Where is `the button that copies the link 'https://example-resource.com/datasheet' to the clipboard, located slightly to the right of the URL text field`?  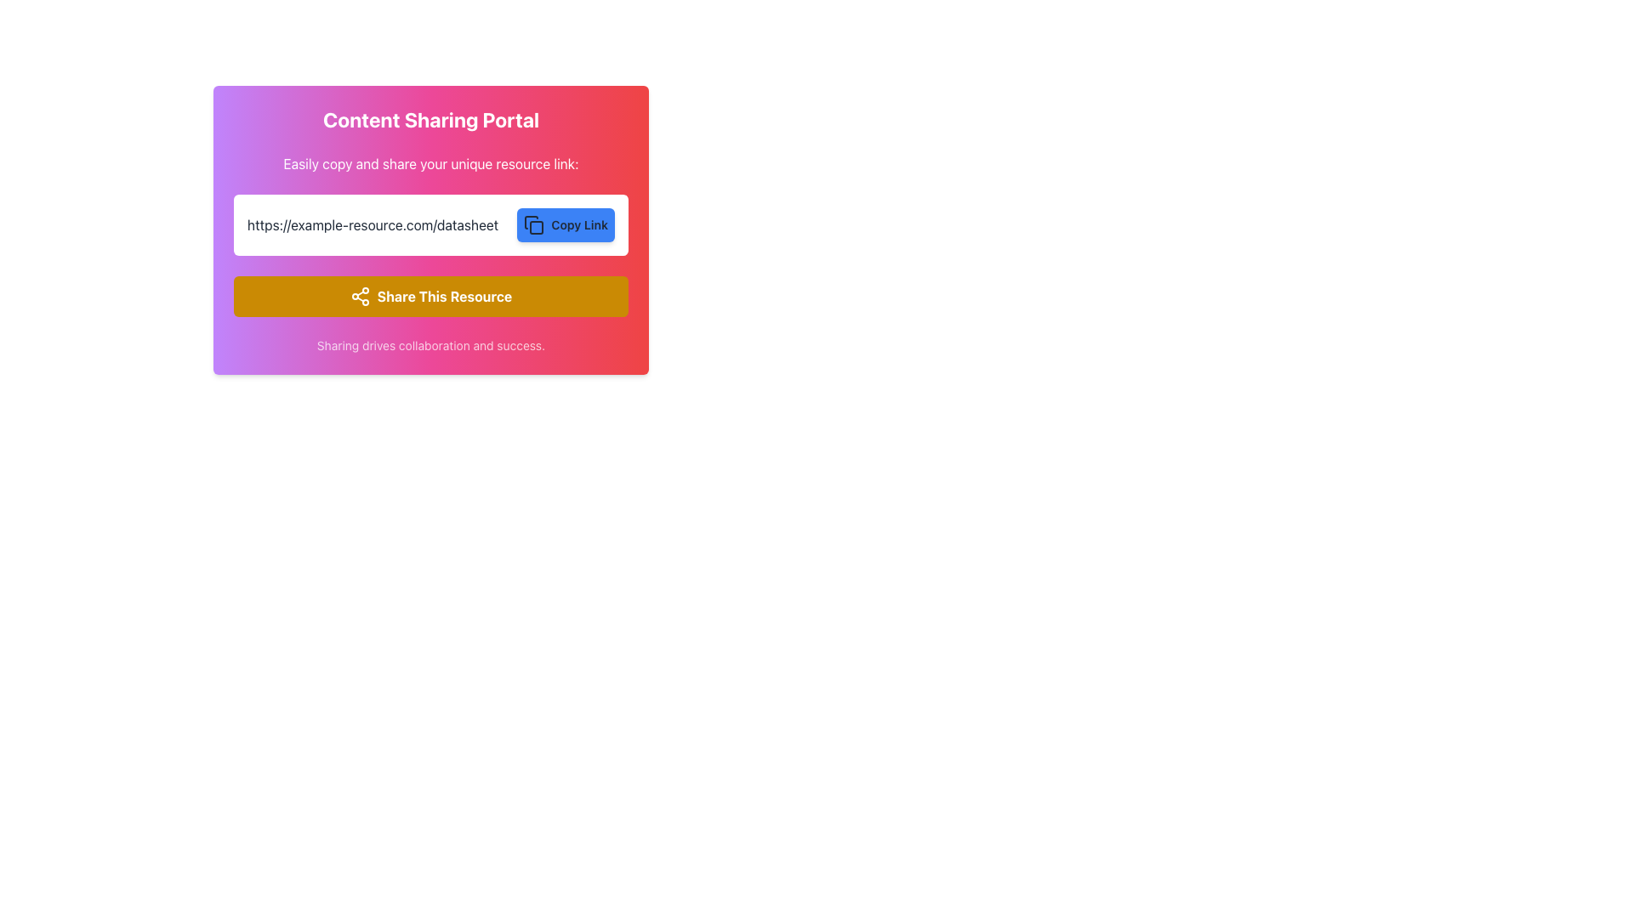 the button that copies the link 'https://example-resource.com/datasheet' to the clipboard, located slightly to the right of the URL text field is located at coordinates (566, 224).